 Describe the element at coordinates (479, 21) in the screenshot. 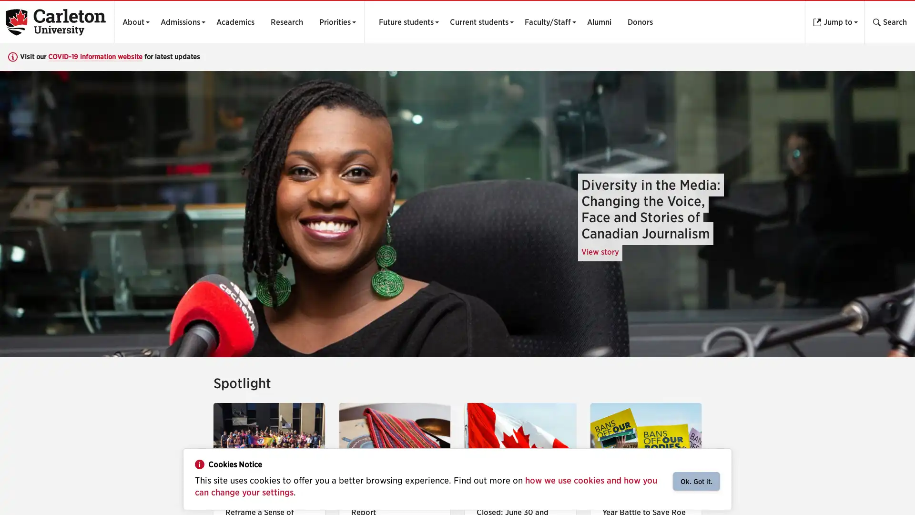

I see `Open Menu` at that location.